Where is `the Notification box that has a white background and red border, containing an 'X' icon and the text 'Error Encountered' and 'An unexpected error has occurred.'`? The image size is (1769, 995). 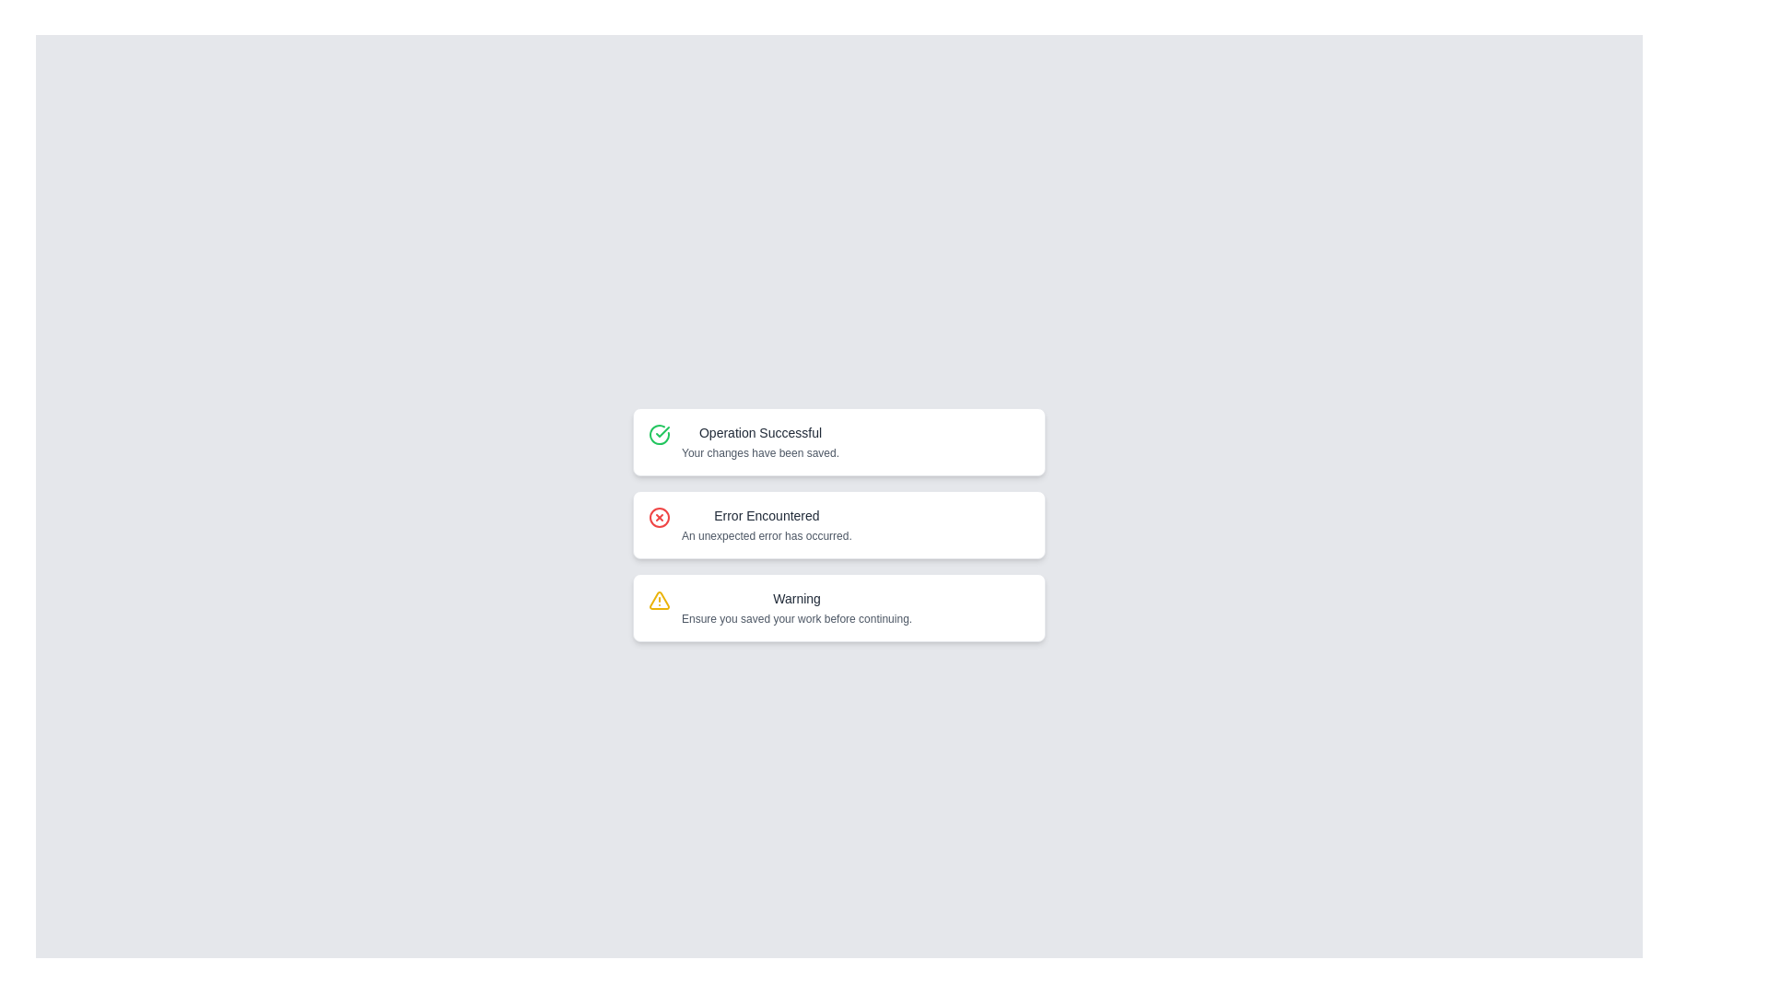
the Notification box that has a white background and red border, containing an 'X' icon and the text 'Error Encountered' and 'An unexpected error has occurred.' is located at coordinates (838, 525).